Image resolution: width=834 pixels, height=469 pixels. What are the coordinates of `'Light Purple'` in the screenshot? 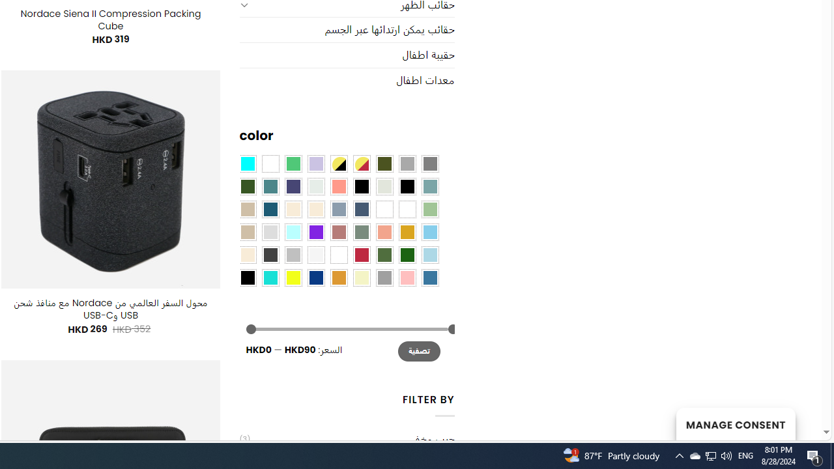 It's located at (316, 163).